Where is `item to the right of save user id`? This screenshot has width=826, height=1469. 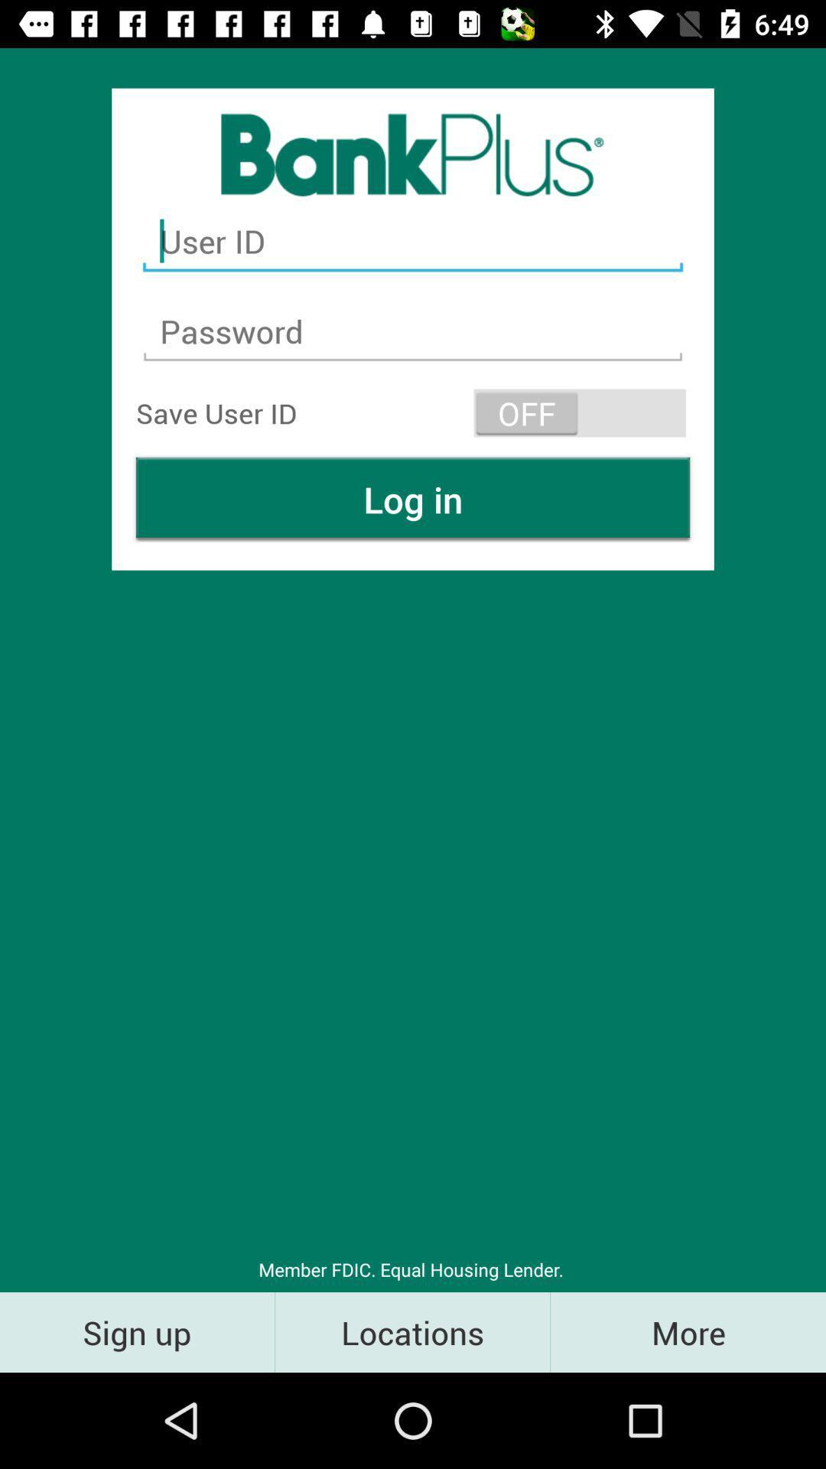
item to the right of save user id is located at coordinates (580, 412).